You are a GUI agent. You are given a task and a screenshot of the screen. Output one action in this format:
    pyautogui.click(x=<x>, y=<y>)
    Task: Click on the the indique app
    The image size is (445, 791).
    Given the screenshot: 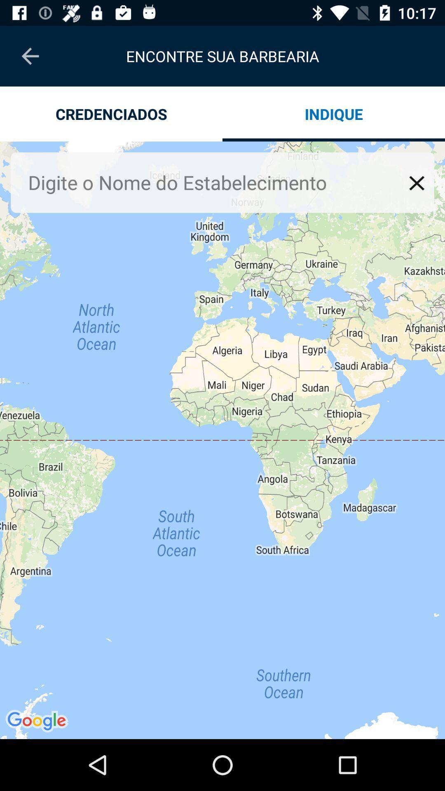 What is the action you would take?
    pyautogui.click(x=334, y=113)
    